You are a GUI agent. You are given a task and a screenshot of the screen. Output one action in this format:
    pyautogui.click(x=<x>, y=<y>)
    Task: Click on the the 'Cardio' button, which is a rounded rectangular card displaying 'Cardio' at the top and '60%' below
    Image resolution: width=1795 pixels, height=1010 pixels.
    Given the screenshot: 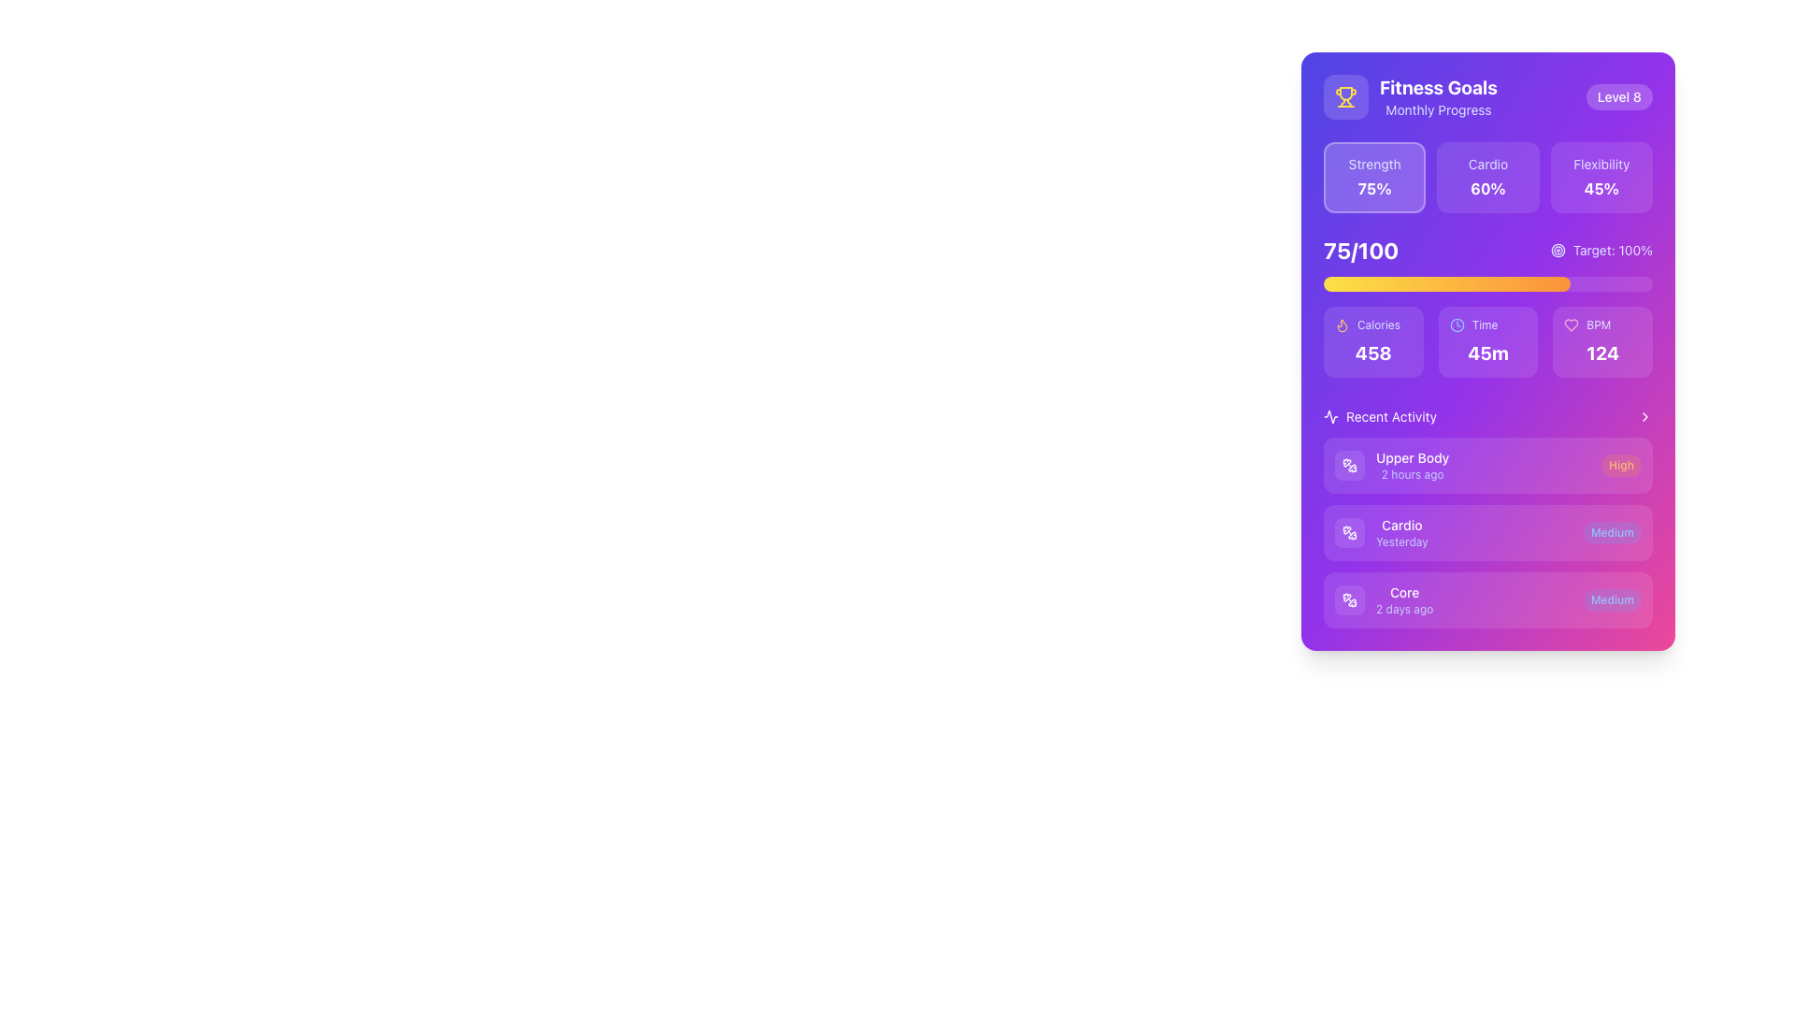 What is the action you would take?
    pyautogui.click(x=1487, y=177)
    